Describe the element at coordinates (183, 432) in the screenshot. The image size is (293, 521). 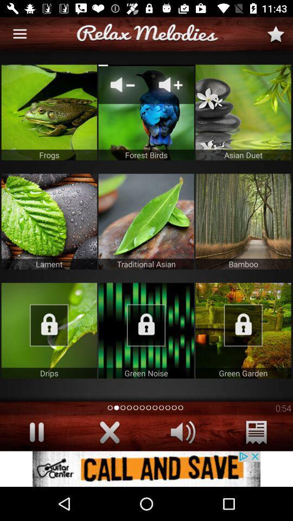
I see `the volume icon` at that location.